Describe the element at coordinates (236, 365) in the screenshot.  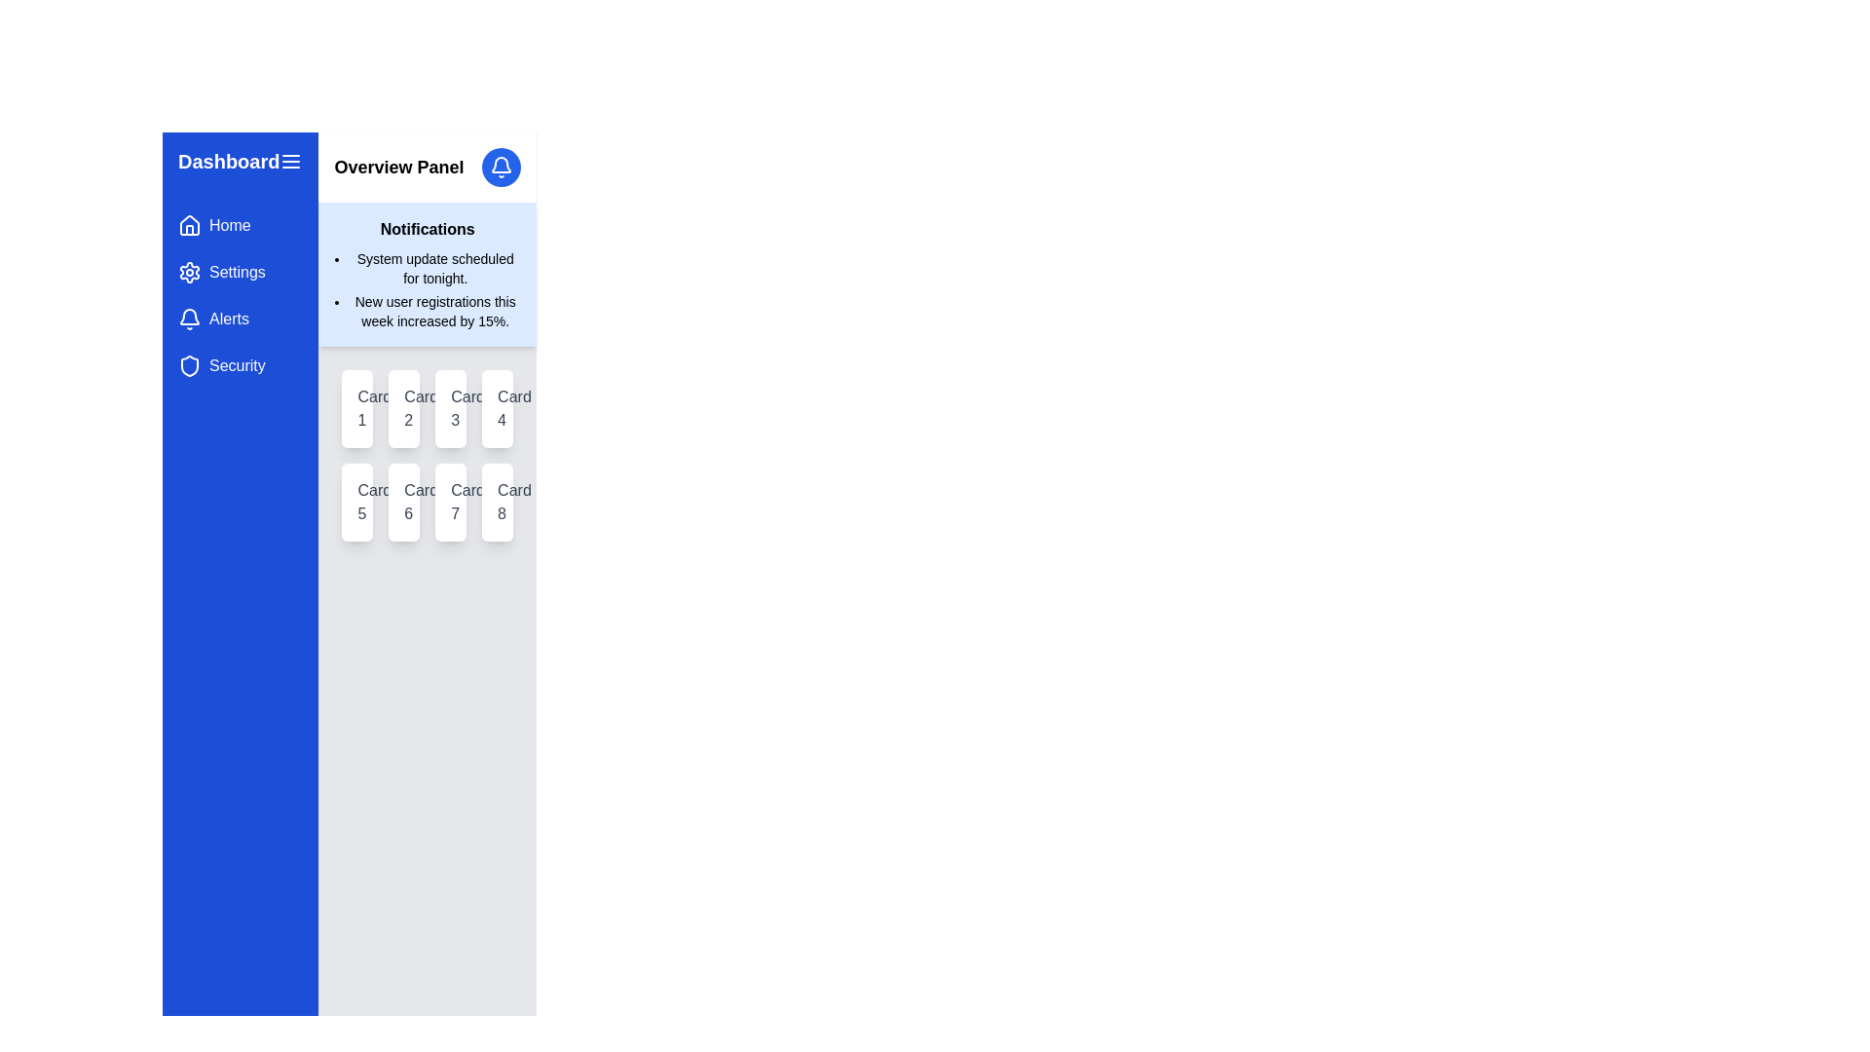
I see `the 'Security' label in the vertical navigation sidebar` at that location.